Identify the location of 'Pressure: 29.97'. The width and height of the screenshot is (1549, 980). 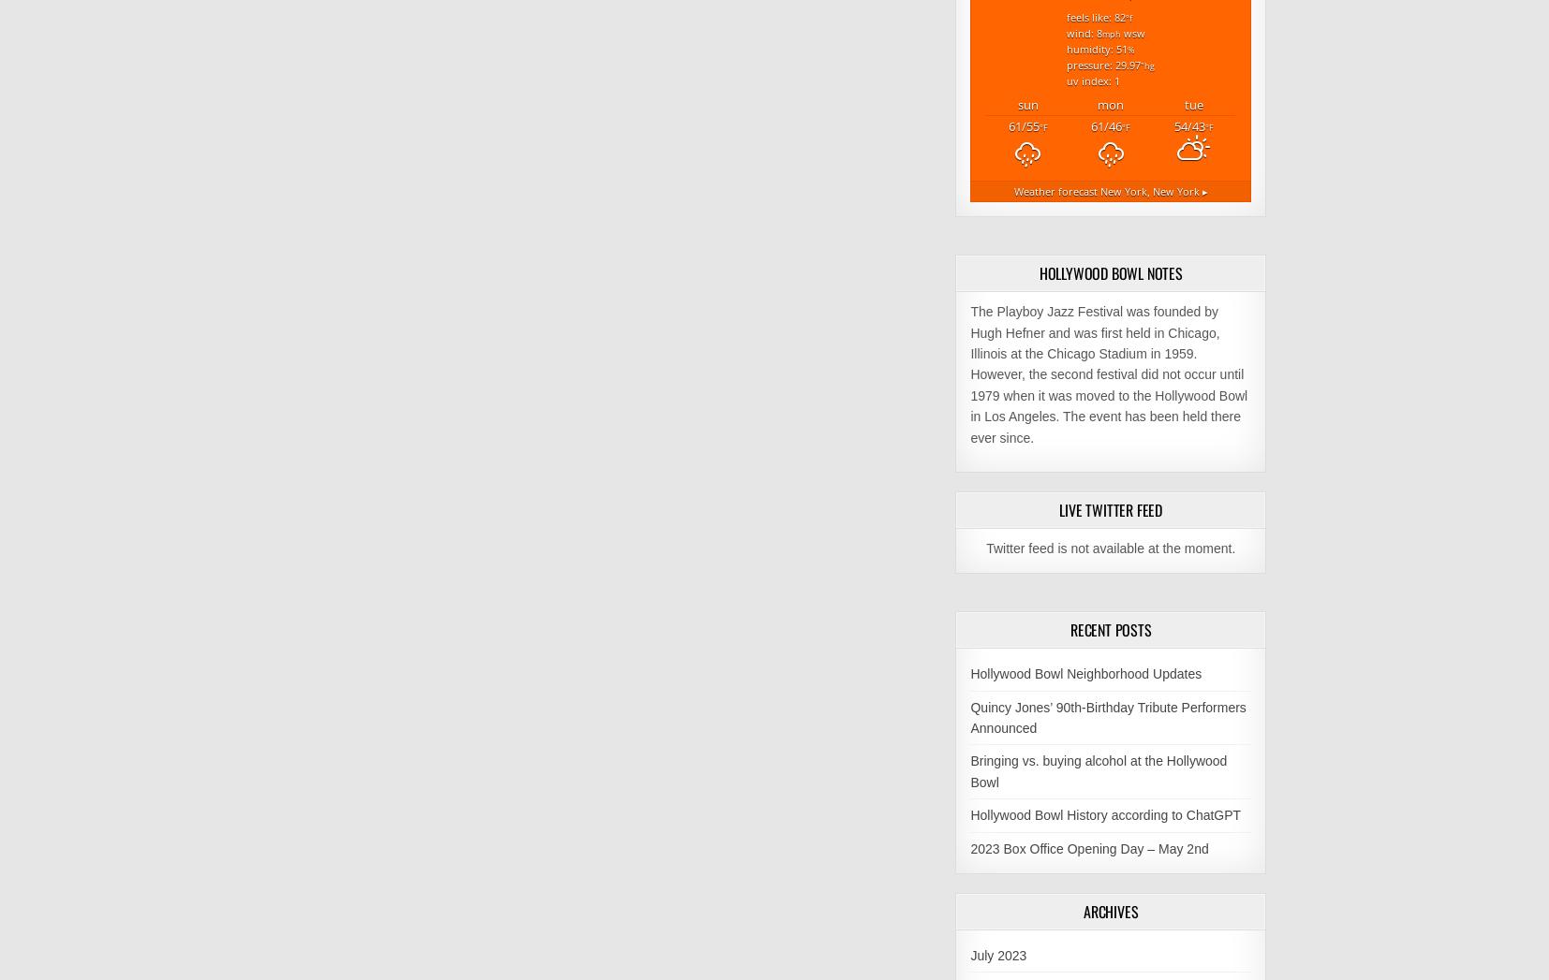
(1102, 64).